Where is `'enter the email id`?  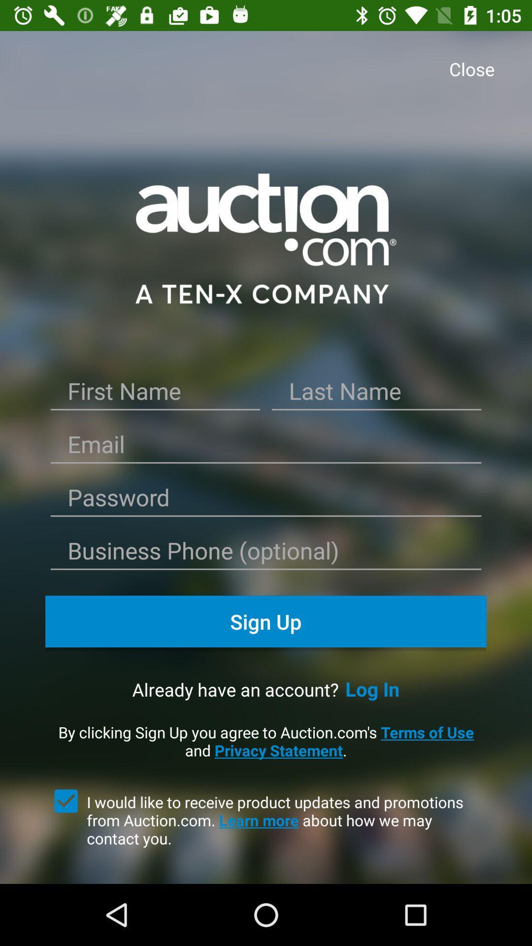
'enter the email id is located at coordinates (266, 447).